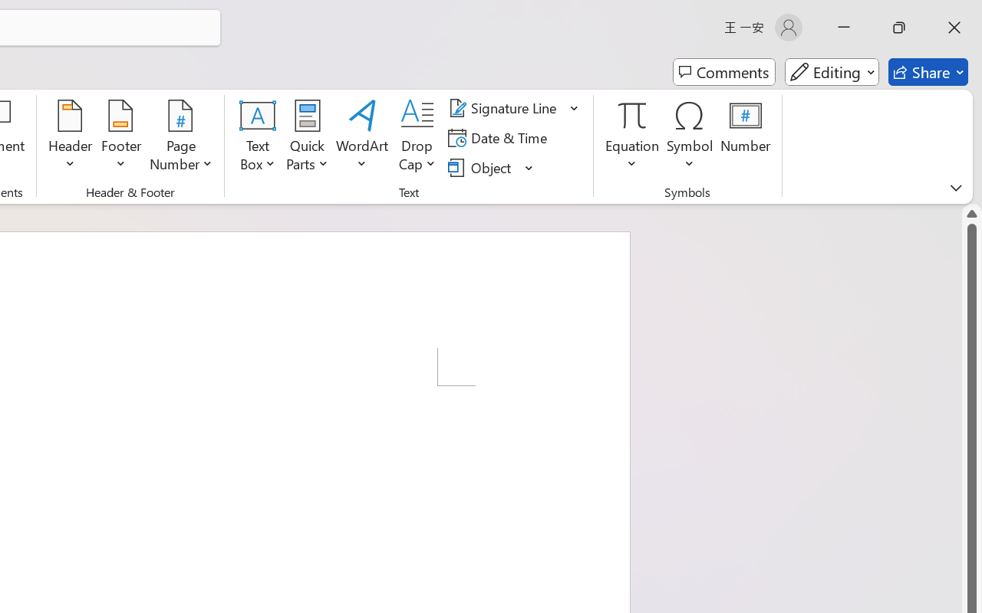 The height and width of the screenshot is (613, 982). What do you see at coordinates (491, 167) in the screenshot?
I see `'Object...'` at bounding box center [491, 167].